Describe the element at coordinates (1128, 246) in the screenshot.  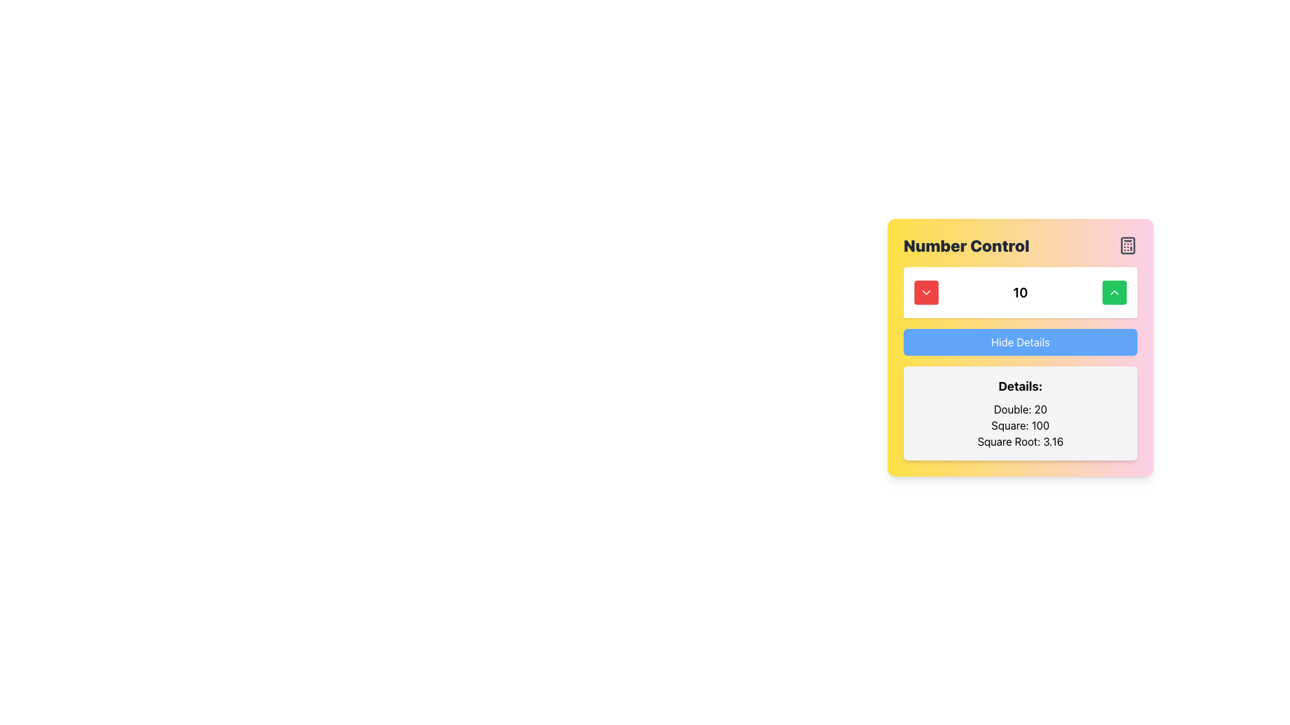
I see `the rectangular graphical element with rounded corners located within the calculator icon, positioned` at that location.